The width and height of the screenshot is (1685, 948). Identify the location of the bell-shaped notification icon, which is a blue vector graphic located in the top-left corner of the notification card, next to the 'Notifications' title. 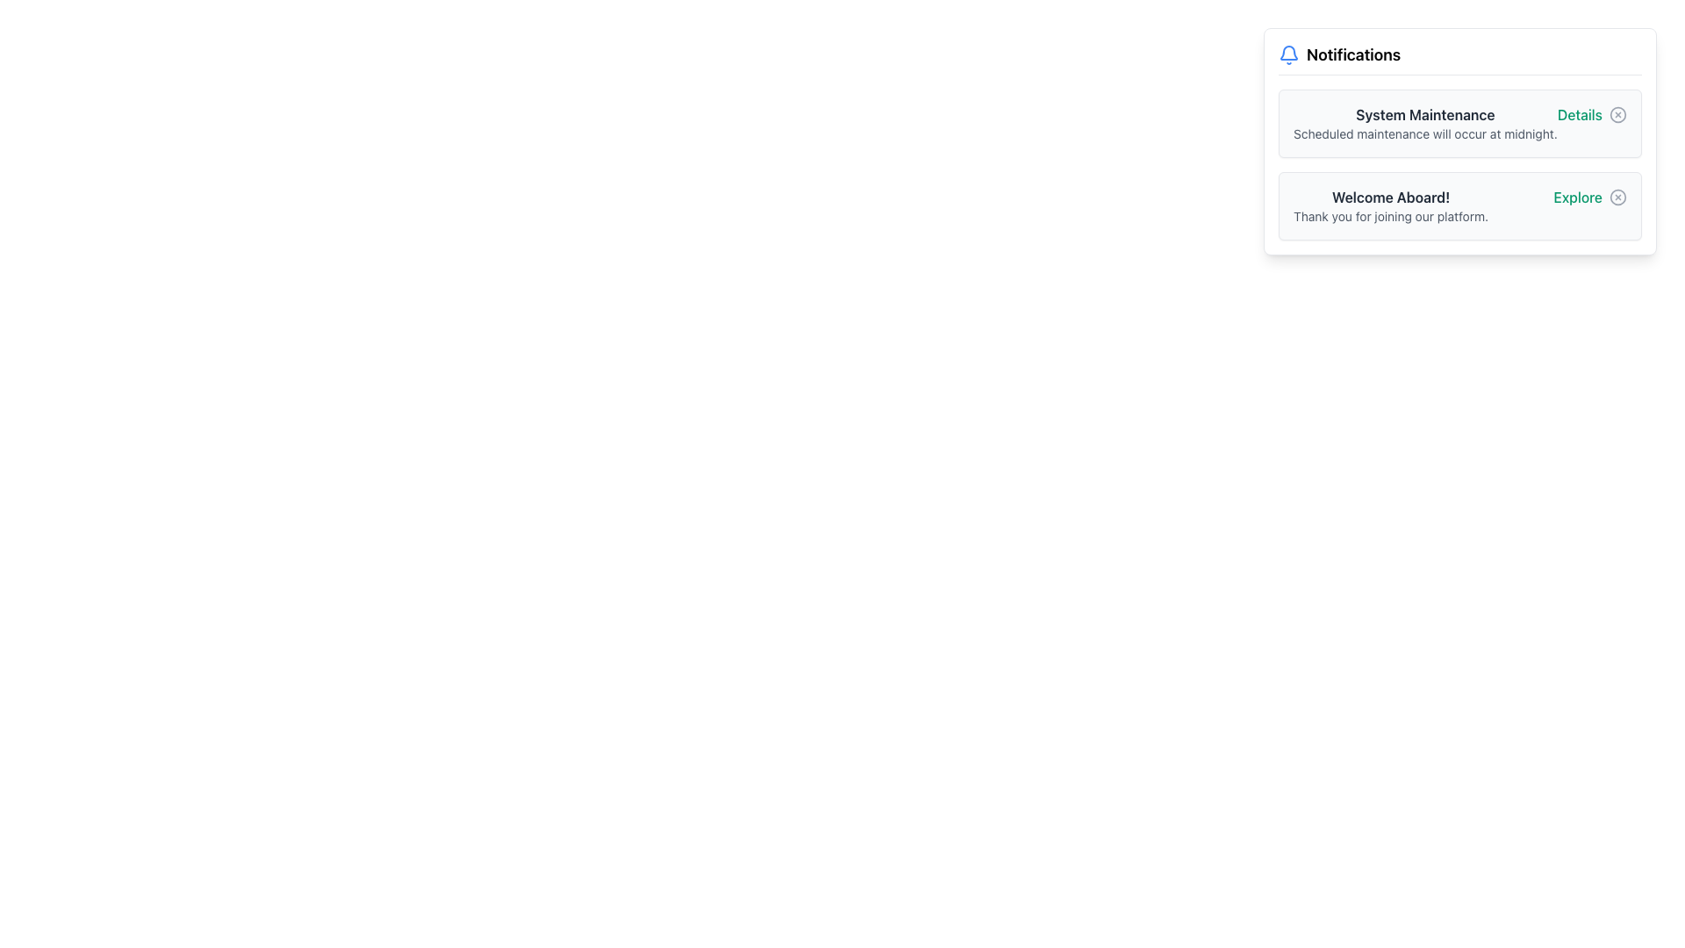
(1288, 52).